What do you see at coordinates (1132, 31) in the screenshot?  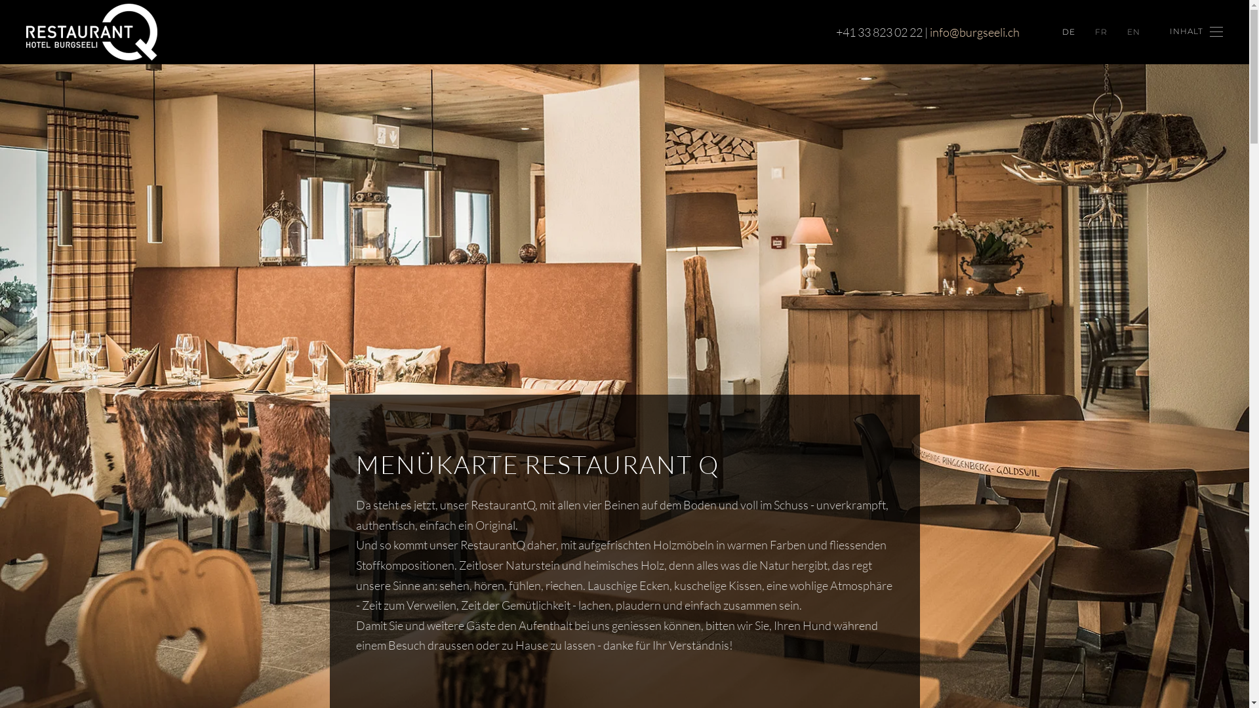 I see `'EN'` at bounding box center [1132, 31].